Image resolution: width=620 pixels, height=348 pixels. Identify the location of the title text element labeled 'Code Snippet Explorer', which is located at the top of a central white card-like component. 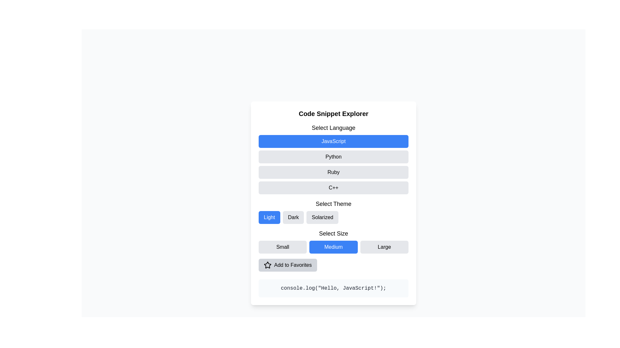
(333, 113).